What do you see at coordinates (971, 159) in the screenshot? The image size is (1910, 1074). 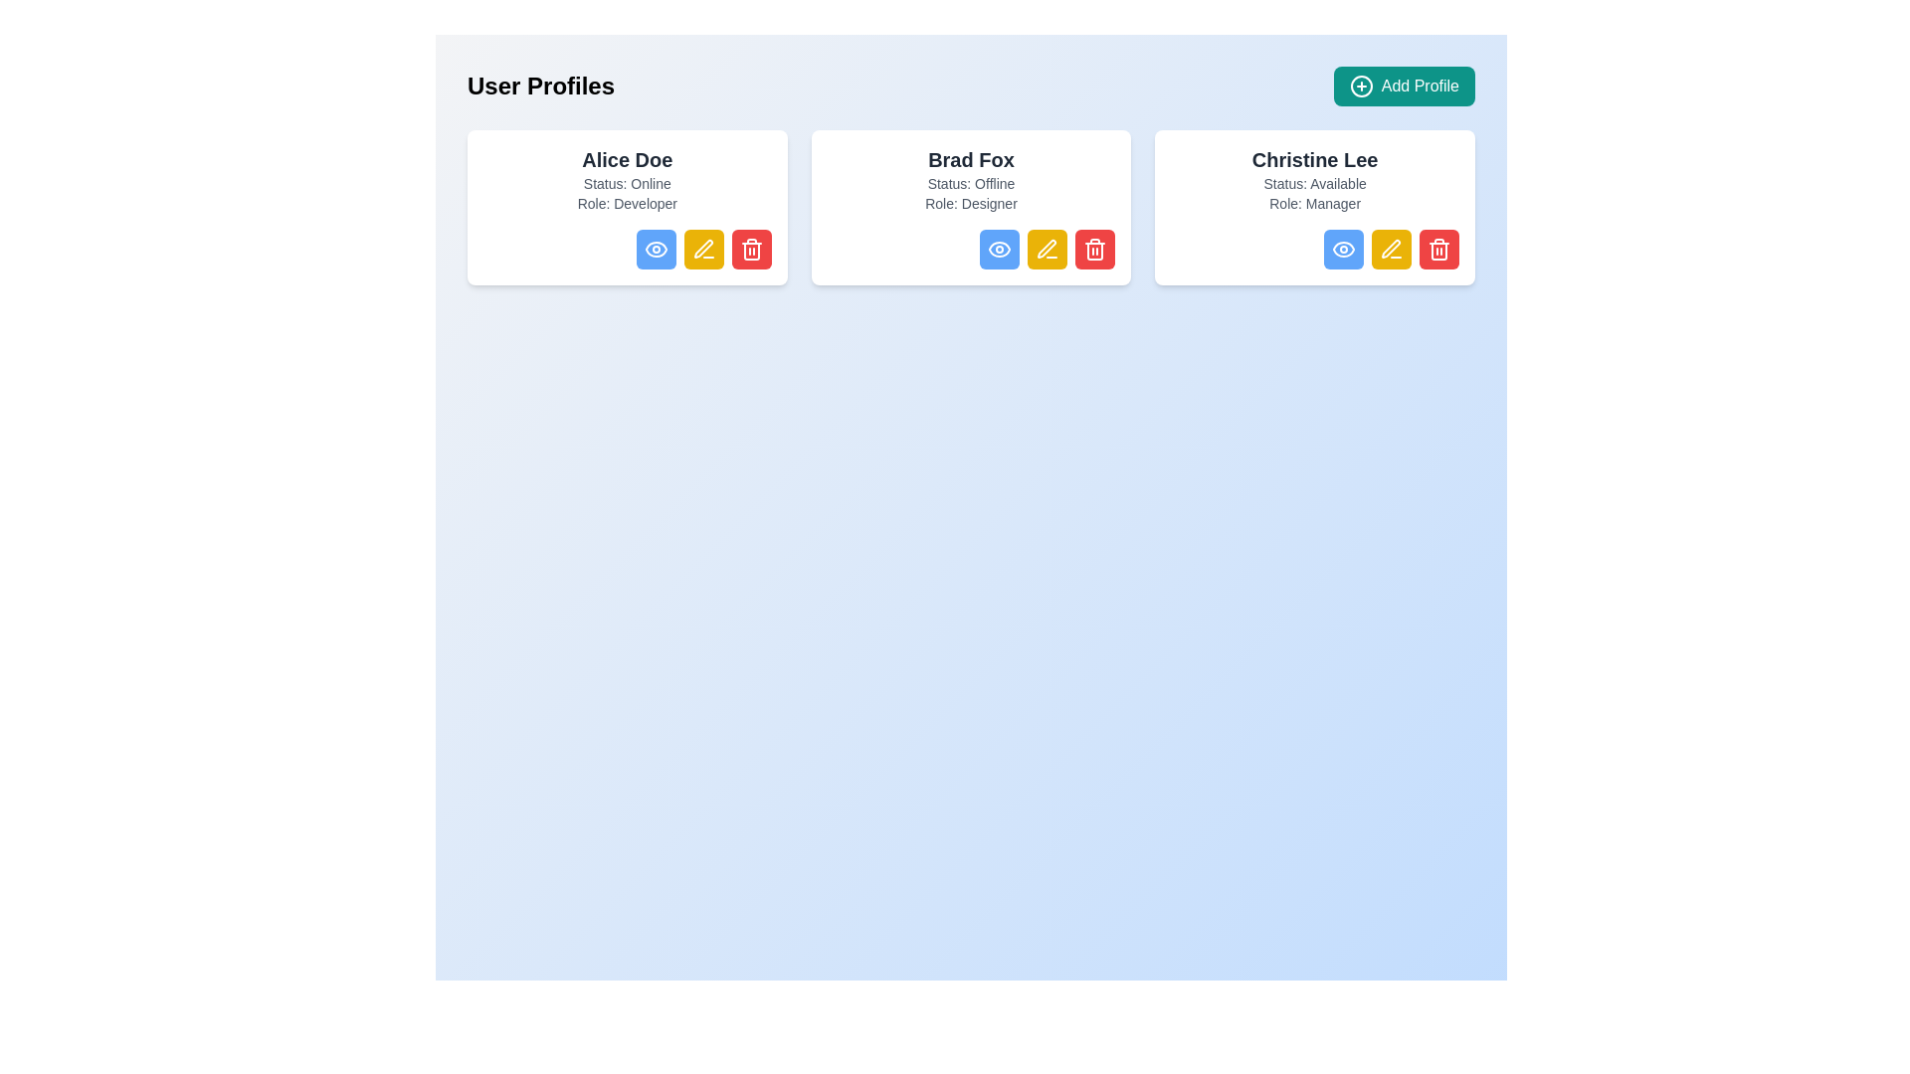 I see `the text label reading 'Brad Fox' which is styled with a bold font type and a large font size, located at the top of the central profile card` at bounding box center [971, 159].